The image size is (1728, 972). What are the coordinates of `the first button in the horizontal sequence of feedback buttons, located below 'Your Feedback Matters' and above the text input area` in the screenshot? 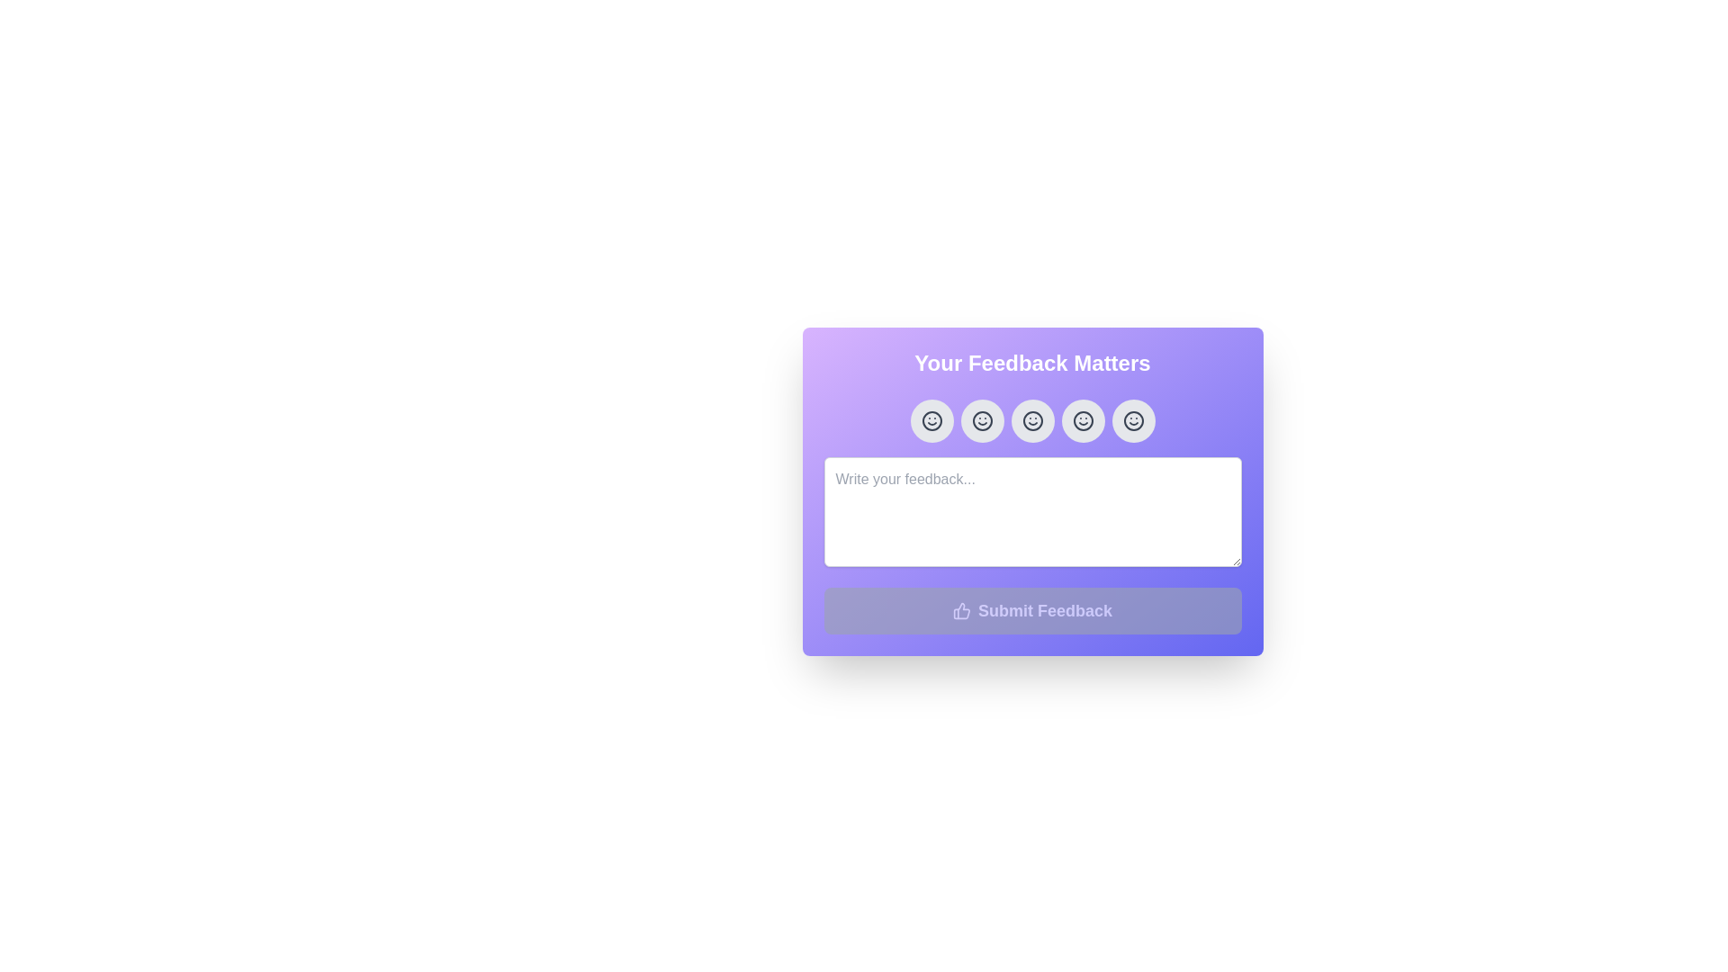 It's located at (931, 420).